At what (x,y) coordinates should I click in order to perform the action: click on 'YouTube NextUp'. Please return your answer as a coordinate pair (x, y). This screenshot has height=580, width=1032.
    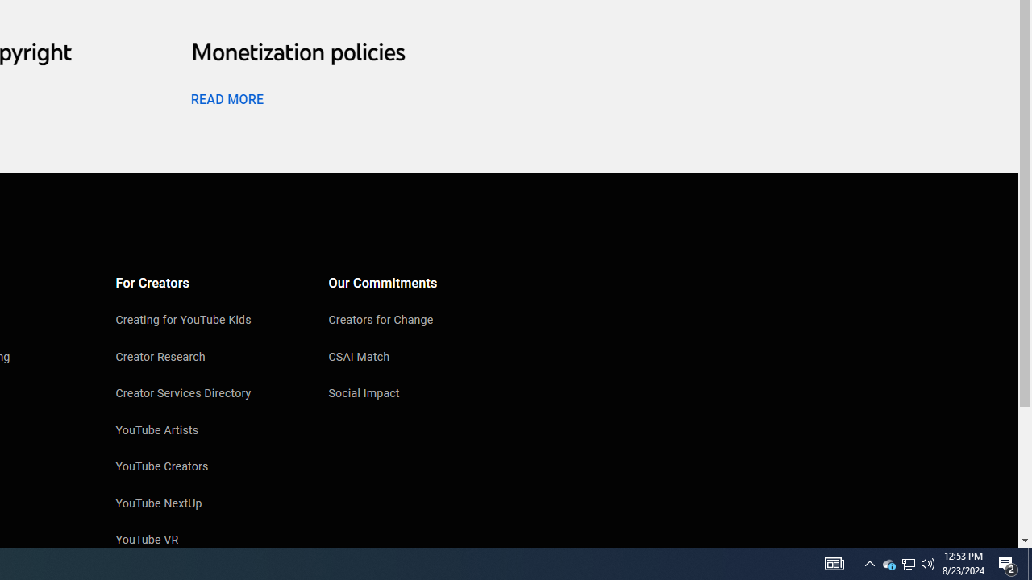
    Looking at the image, I should click on (206, 504).